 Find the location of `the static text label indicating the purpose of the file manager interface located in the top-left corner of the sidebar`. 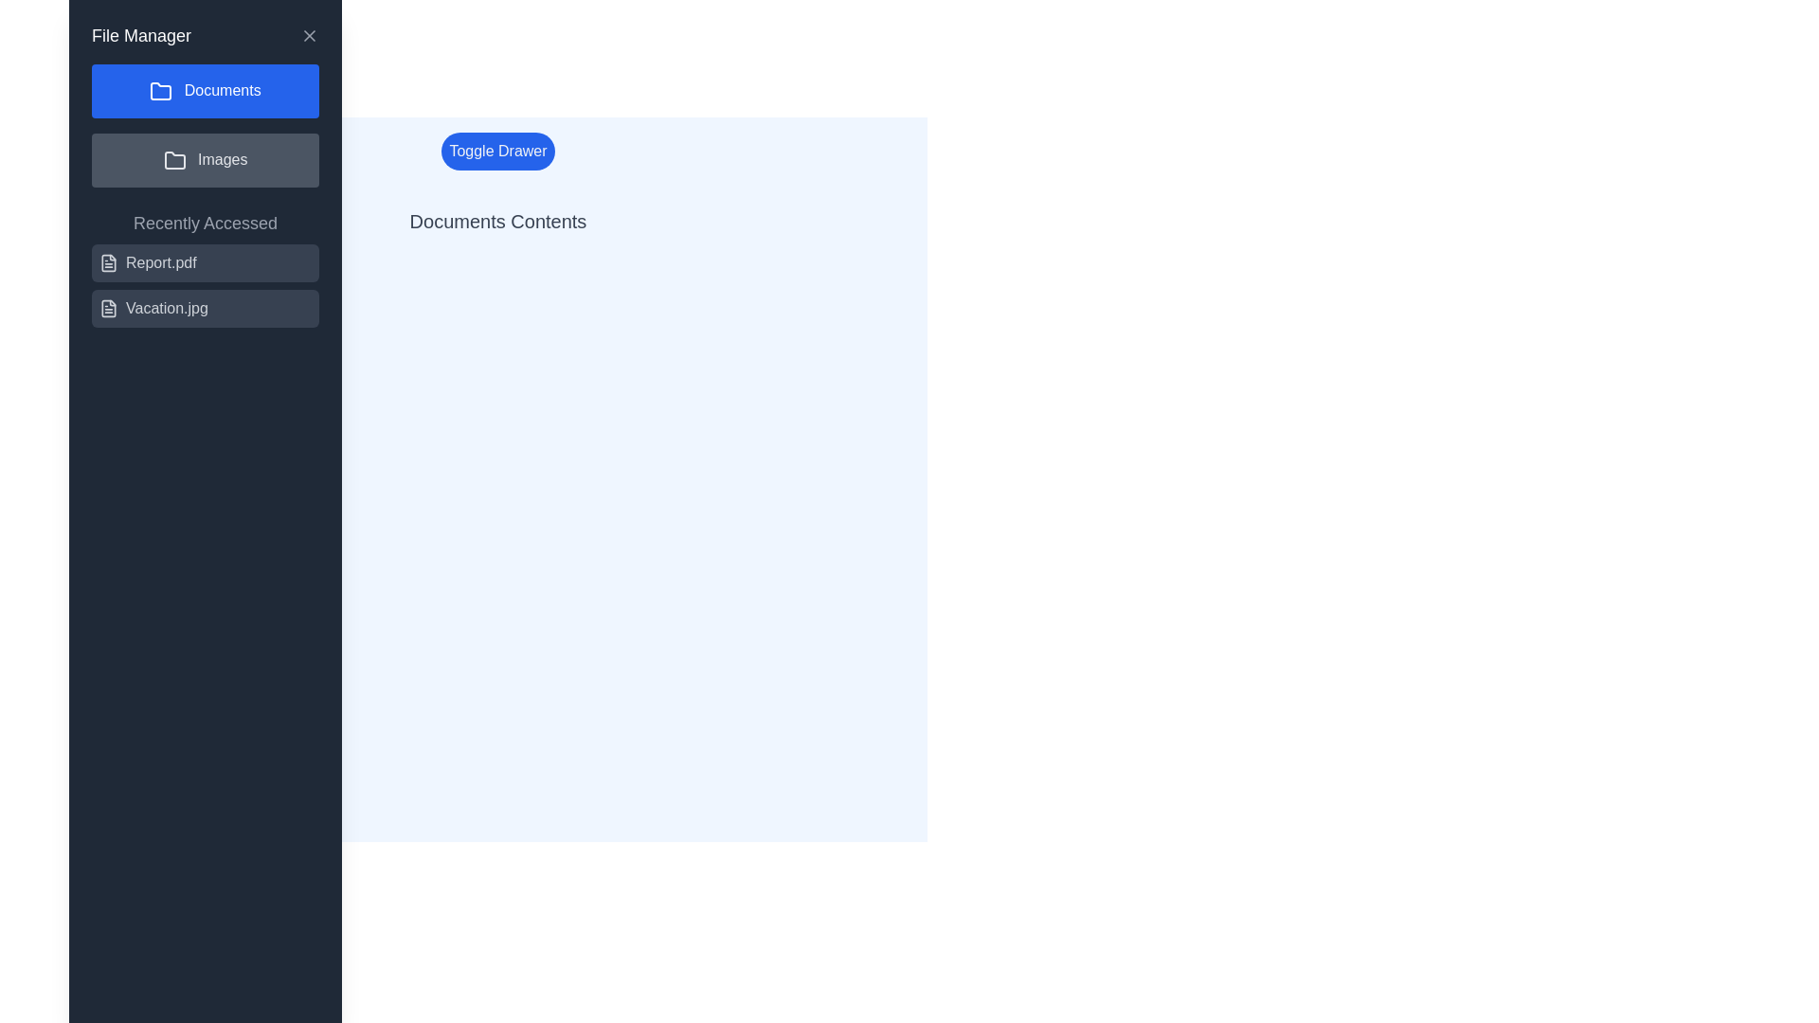

the static text label indicating the purpose of the file manager interface located in the top-left corner of the sidebar is located at coordinates (140, 36).